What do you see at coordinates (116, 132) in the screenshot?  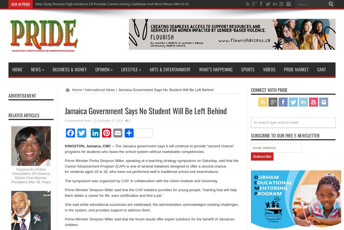 I see `'LinkedIn'` at bounding box center [116, 132].